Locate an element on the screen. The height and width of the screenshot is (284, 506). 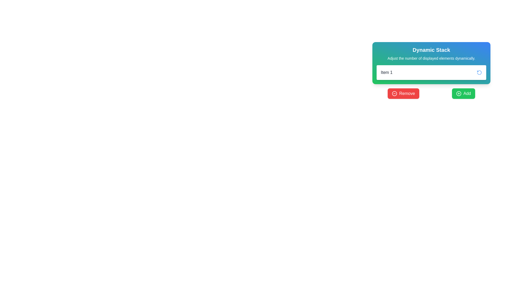
the delete button to the left of the 'Add' button is located at coordinates (403, 93).